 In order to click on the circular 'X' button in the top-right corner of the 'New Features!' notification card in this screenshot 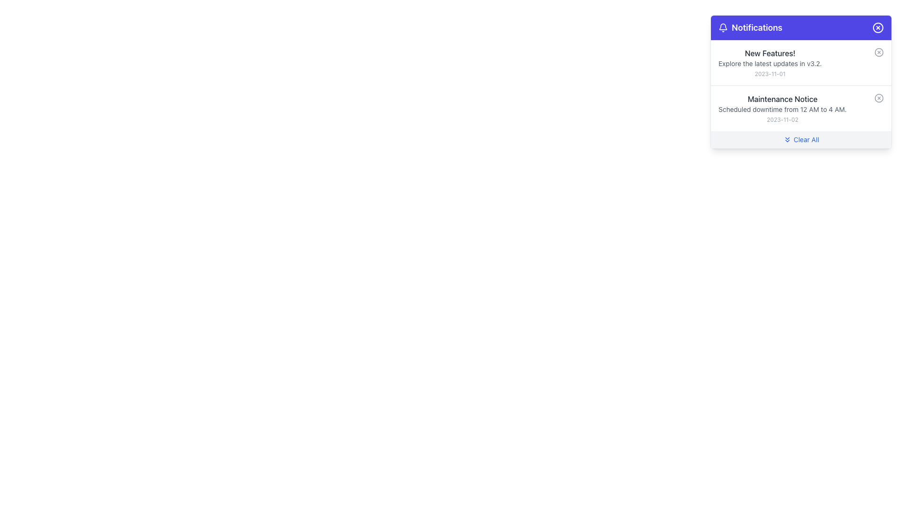, I will do `click(879, 52)`.